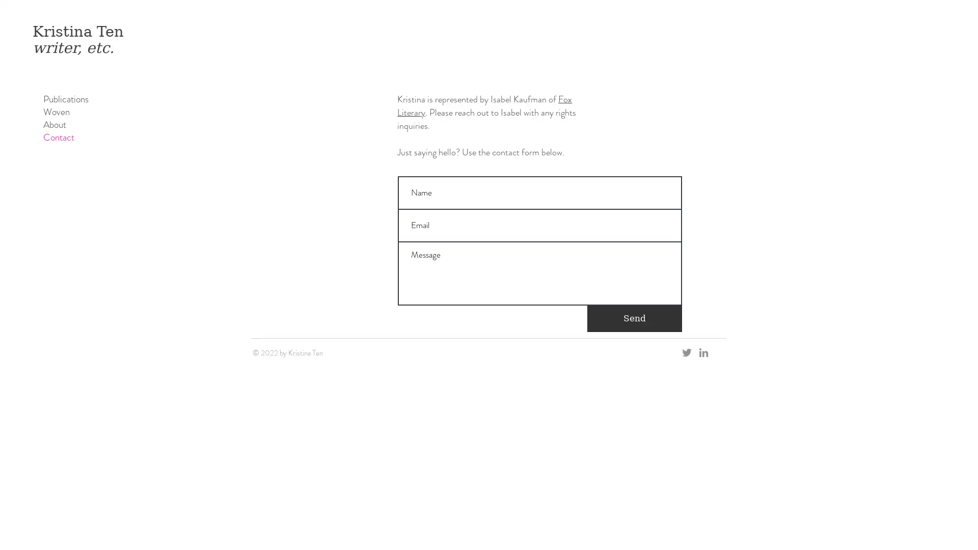  I want to click on Send, so click(634, 318).